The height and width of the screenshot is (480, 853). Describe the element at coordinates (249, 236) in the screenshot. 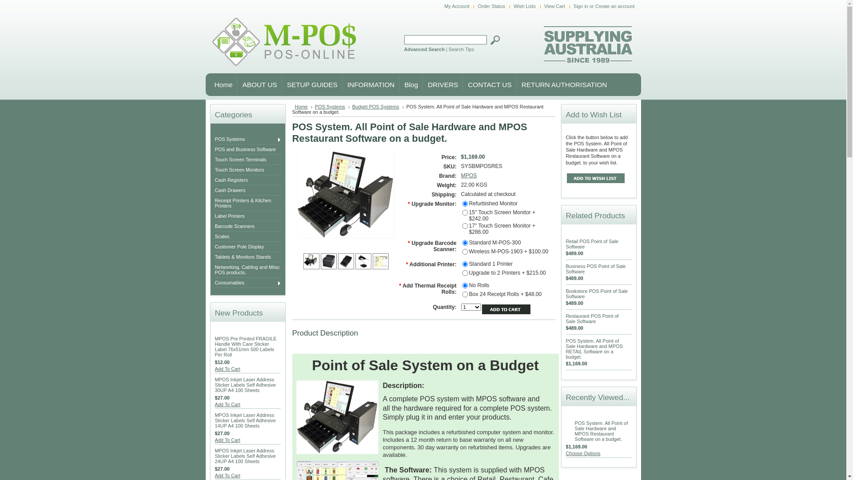

I see `'Scales'` at that location.